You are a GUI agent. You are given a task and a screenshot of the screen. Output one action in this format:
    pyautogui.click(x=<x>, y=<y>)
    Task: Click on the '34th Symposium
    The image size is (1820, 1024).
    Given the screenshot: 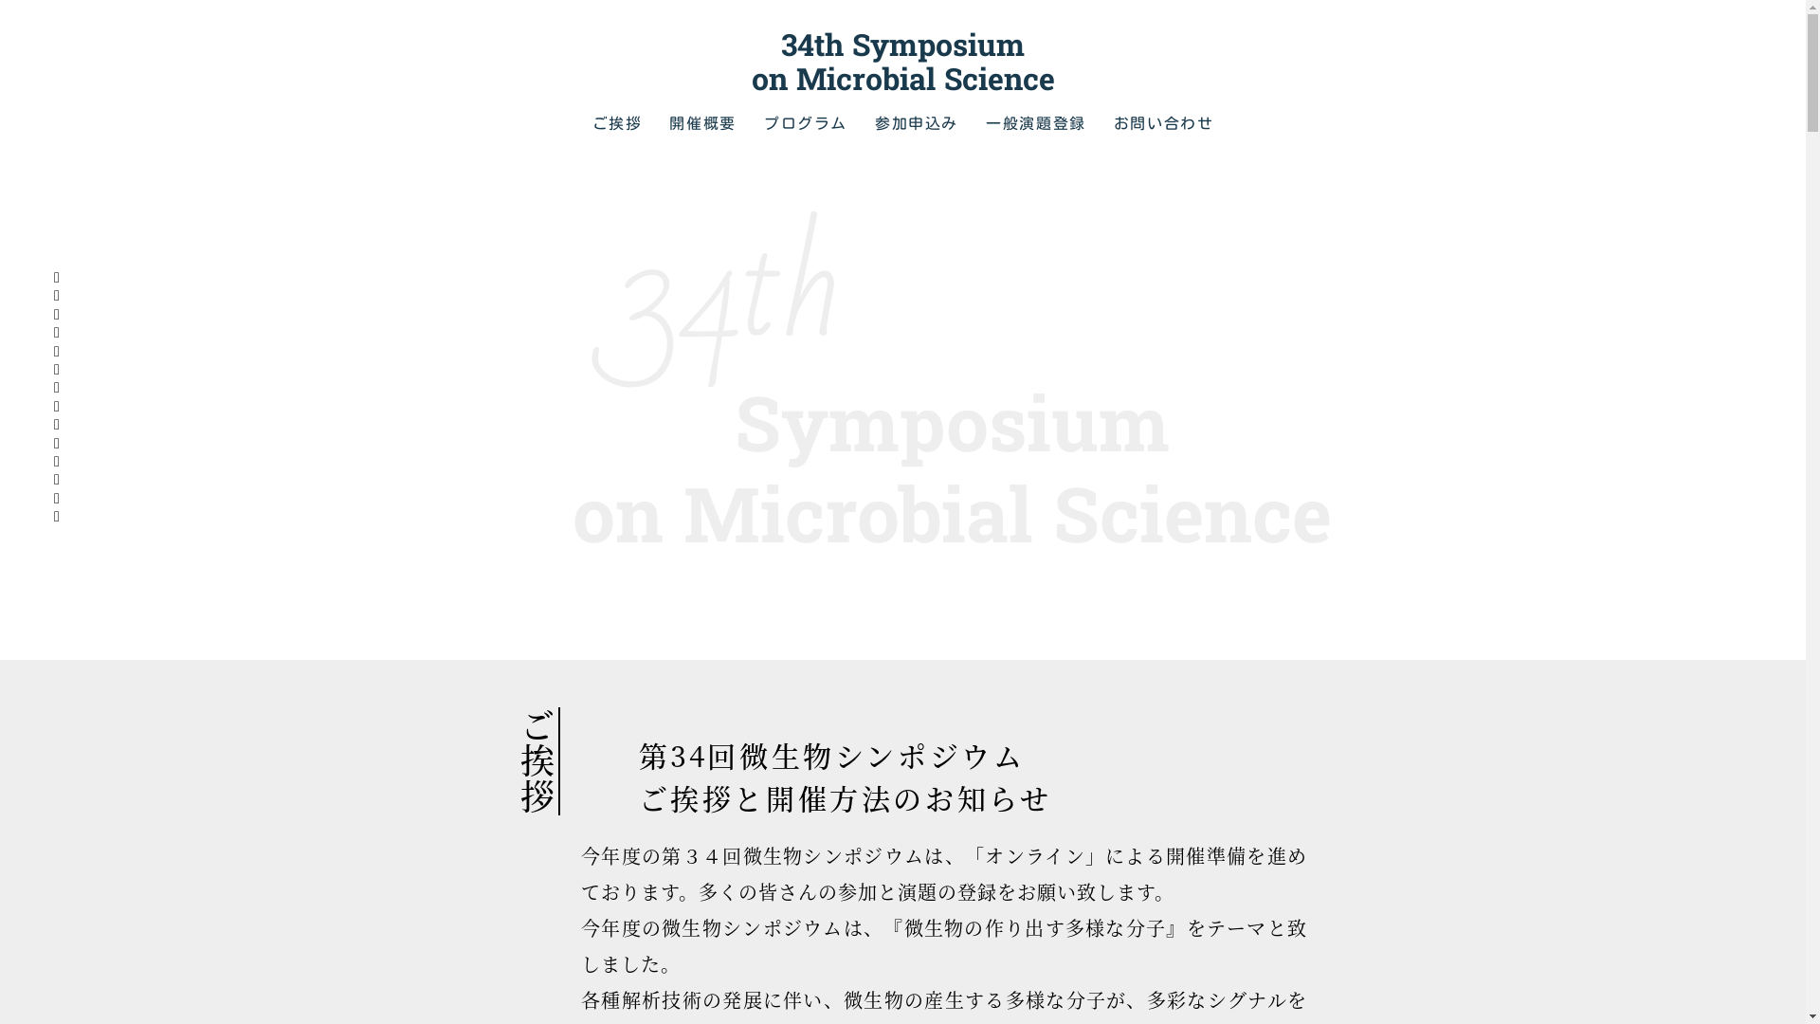 What is the action you would take?
    pyautogui.click(x=901, y=60)
    